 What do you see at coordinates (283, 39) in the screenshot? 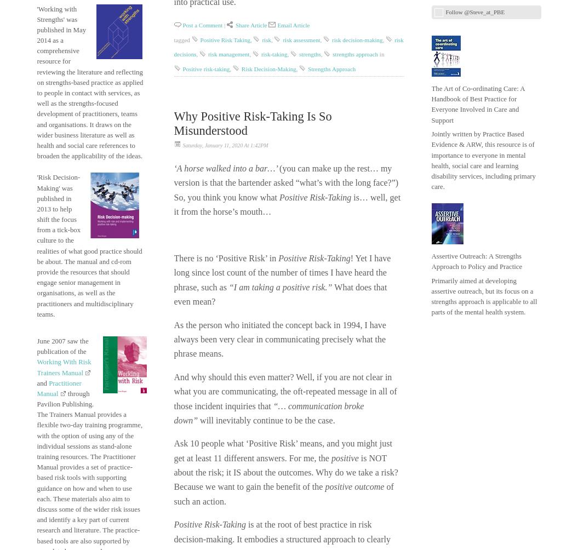
I see `'risk assessment'` at bounding box center [283, 39].